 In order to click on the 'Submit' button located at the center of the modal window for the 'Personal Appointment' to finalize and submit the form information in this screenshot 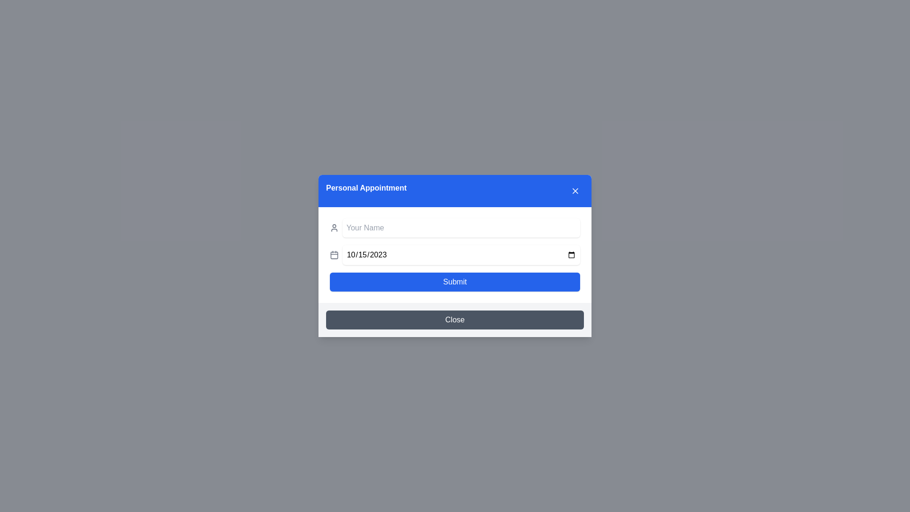, I will do `click(455, 281)`.